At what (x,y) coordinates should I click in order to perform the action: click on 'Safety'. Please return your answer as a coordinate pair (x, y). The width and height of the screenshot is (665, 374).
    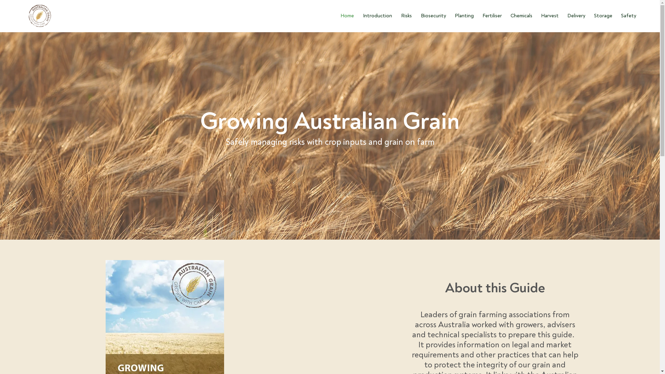
    Looking at the image, I should click on (615, 16).